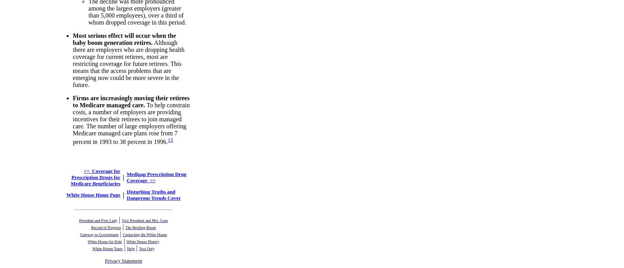  Describe the element at coordinates (131, 123) in the screenshot. I see `'To help constrain costs, a number of 
       employers are providing incentives for their retirees to join managed care.  The number of large employers 
       offering Medicare managed care plans rose from 7 percent in 1993 to 38 percent in 
       1996.'` at that location.